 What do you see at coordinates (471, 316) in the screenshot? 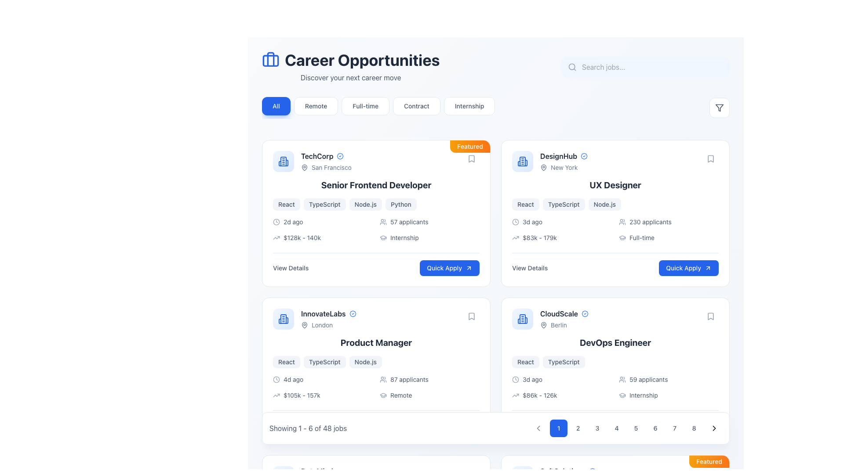
I see `the save or bookmark button located at the top-right corner of the 'InnovateLabs' job listing card` at bounding box center [471, 316].